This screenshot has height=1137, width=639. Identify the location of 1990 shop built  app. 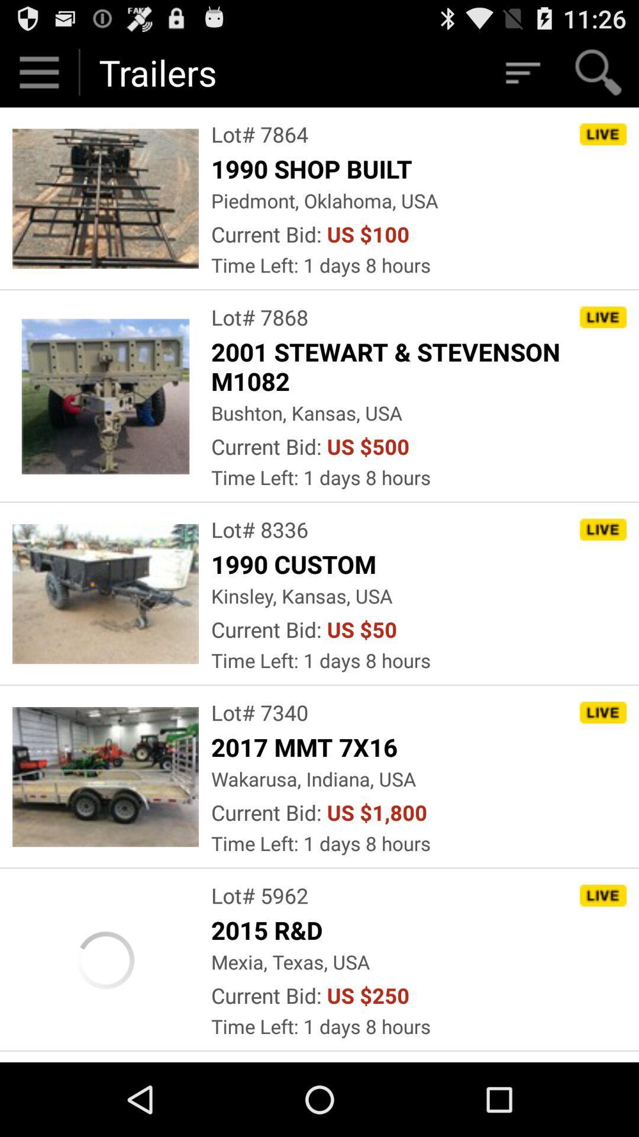
(314, 168).